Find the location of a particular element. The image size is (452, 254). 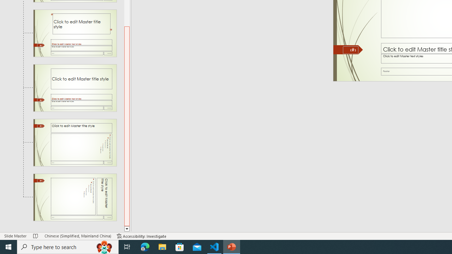

'Slide True or False Layout: used by no slides' is located at coordinates (75, 87).